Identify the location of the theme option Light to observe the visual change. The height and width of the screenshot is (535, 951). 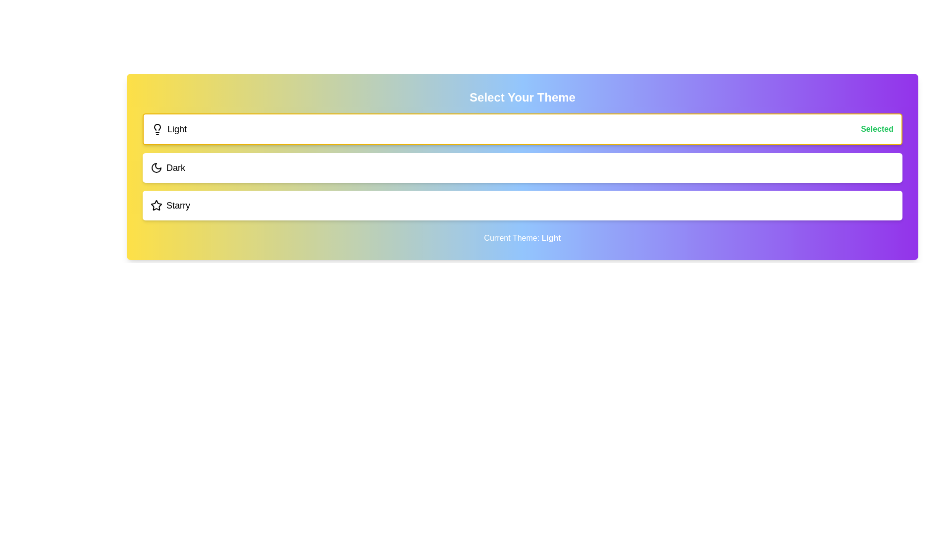
(522, 129).